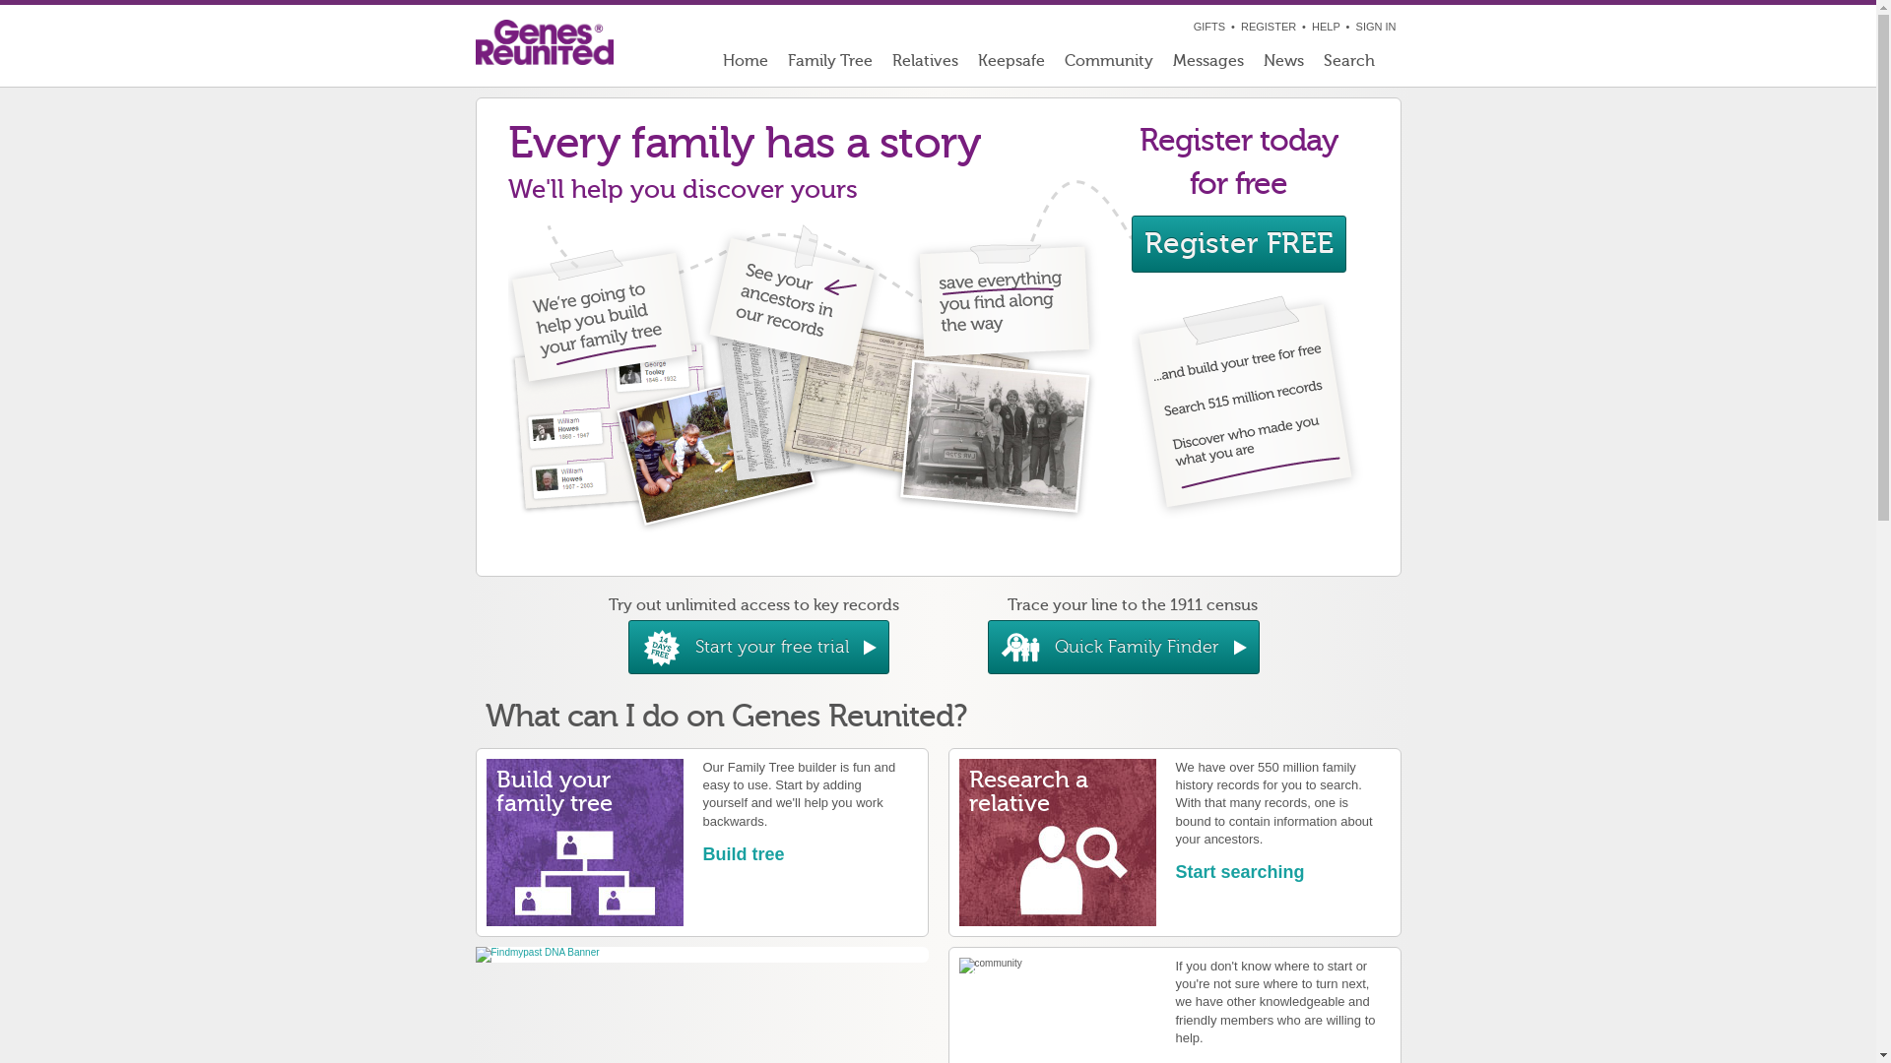  Describe the element at coordinates (1123, 647) in the screenshot. I see `'Quick Family Finder'` at that location.